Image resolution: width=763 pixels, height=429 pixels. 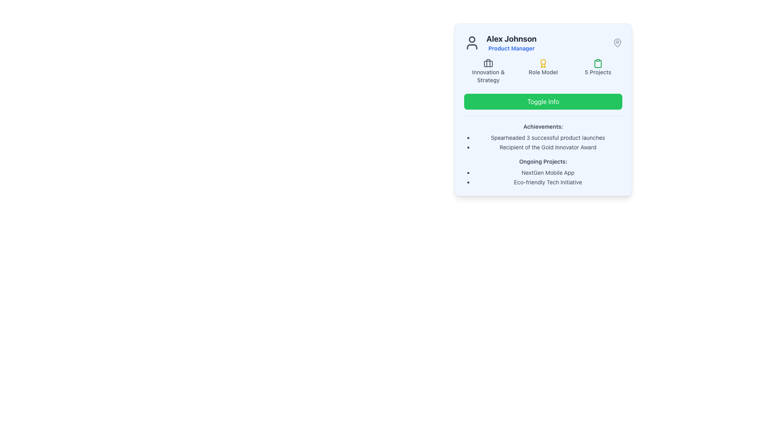 What do you see at coordinates (511, 39) in the screenshot?
I see `text content of the Text Label displaying 'Alex Johnson' which is positioned at the top of a light-blue card interface` at bounding box center [511, 39].